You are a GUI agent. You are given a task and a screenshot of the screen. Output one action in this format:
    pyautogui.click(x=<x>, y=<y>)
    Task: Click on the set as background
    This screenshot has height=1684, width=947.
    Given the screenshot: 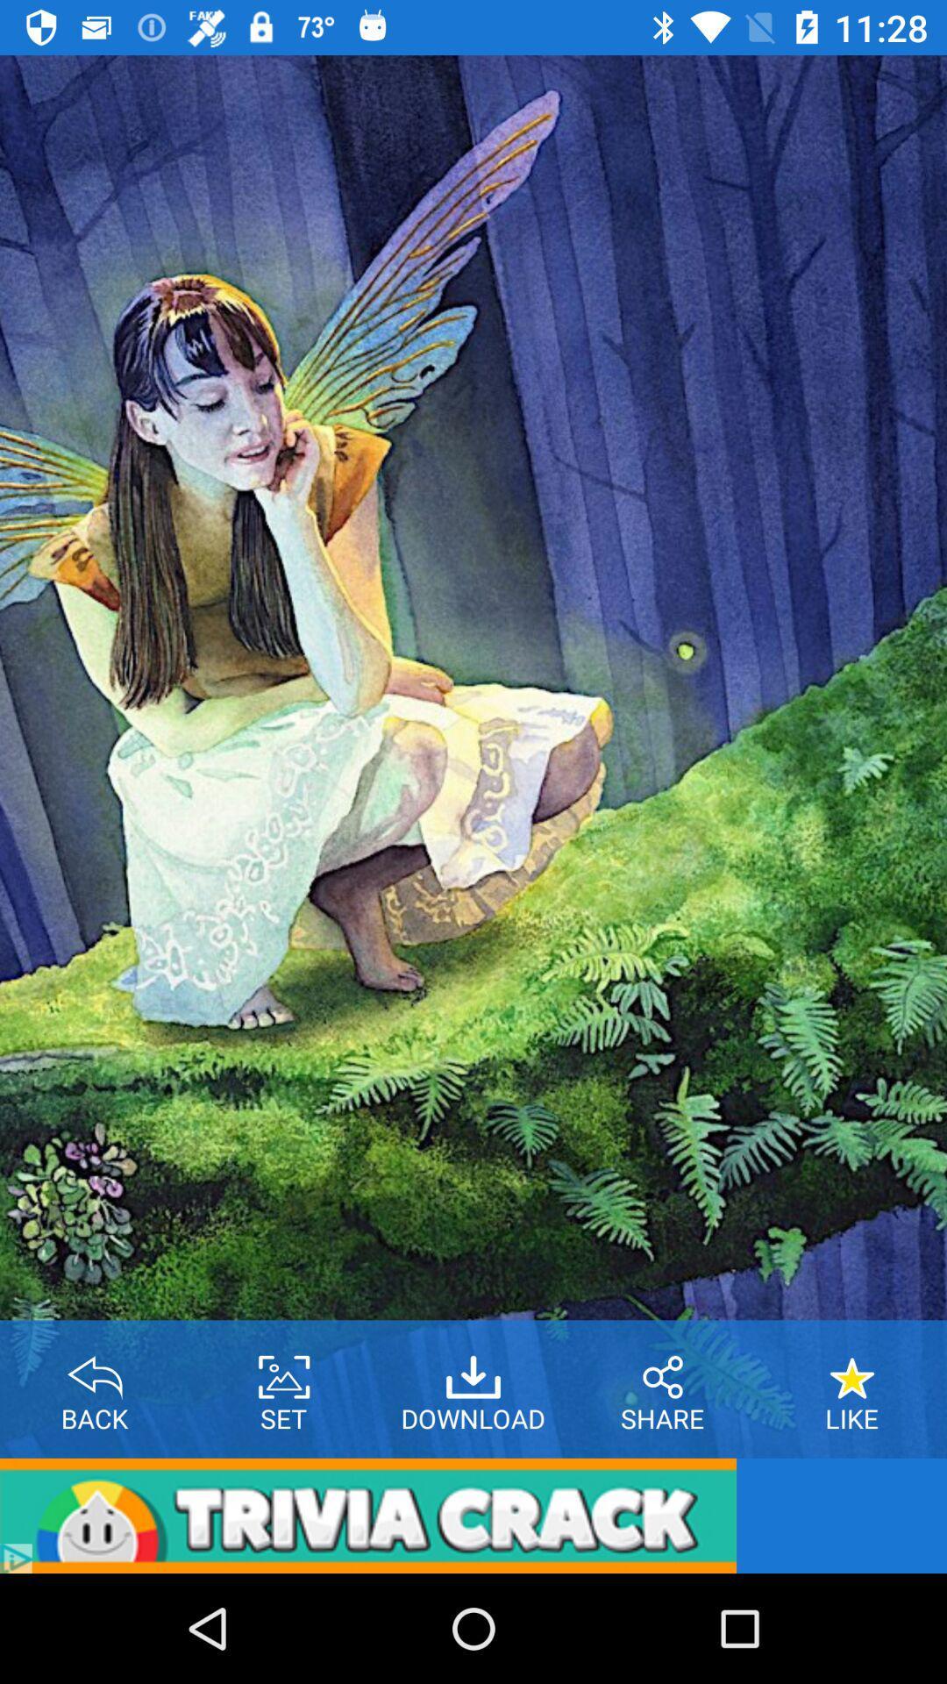 What is the action you would take?
    pyautogui.click(x=283, y=1370)
    